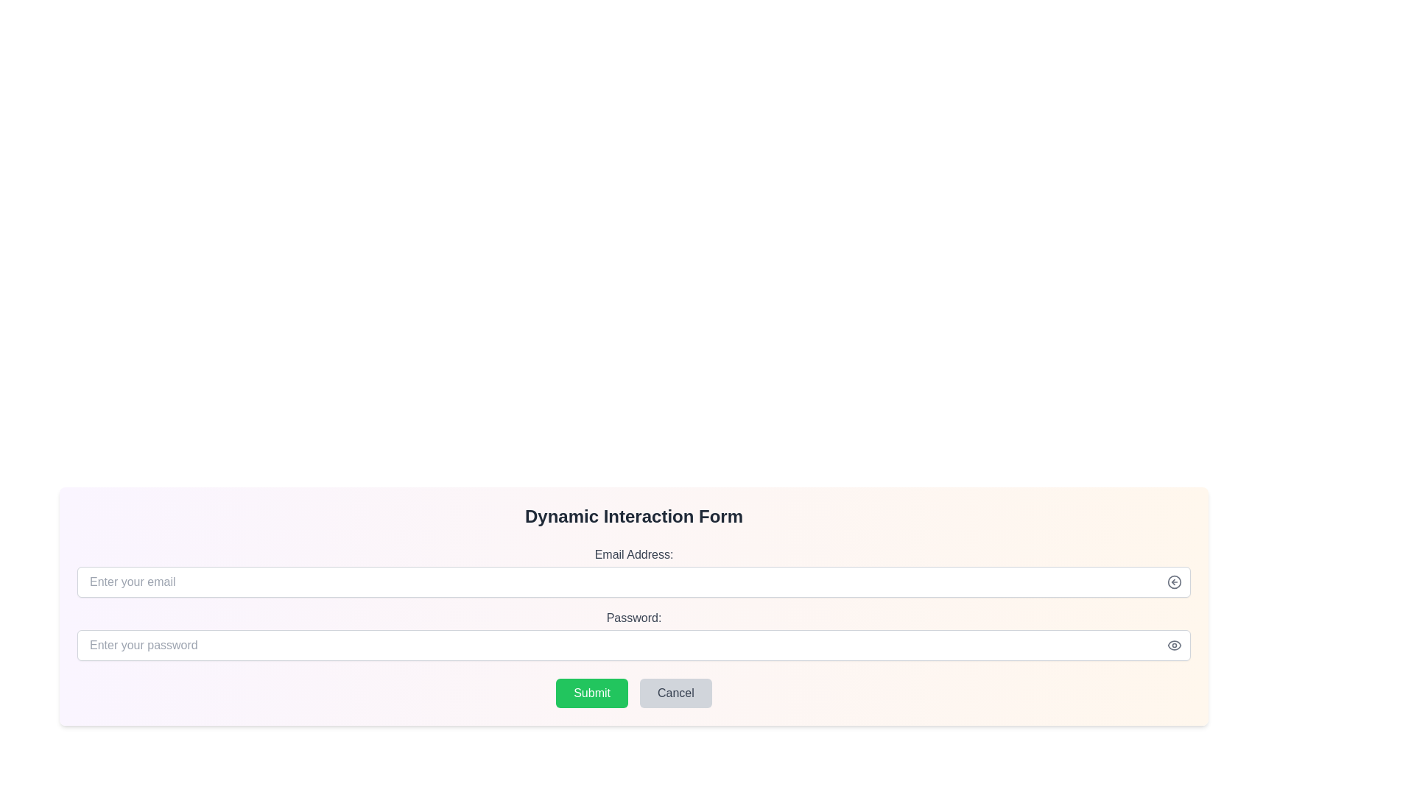 The image size is (1414, 795). Describe the element at coordinates (633, 554) in the screenshot. I see `the text label reading 'Email Address:' which serves as an identifier for the email input field` at that location.